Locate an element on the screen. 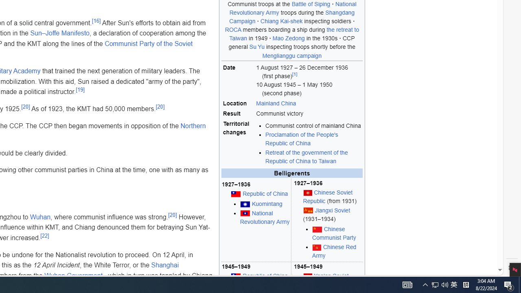 Image resolution: width=521 pixels, height=293 pixels. ' Kuomintang' is located at coordinates (265, 203).